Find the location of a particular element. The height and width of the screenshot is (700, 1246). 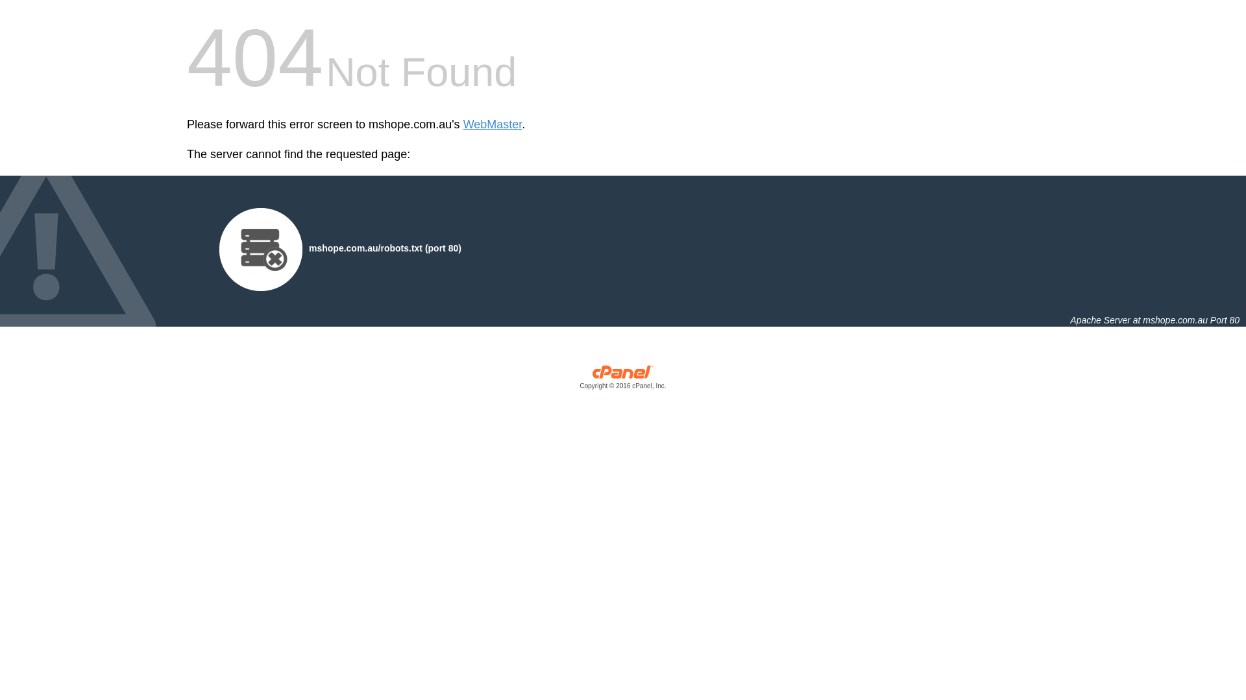

'WebMaster' is located at coordinates (492, 124).